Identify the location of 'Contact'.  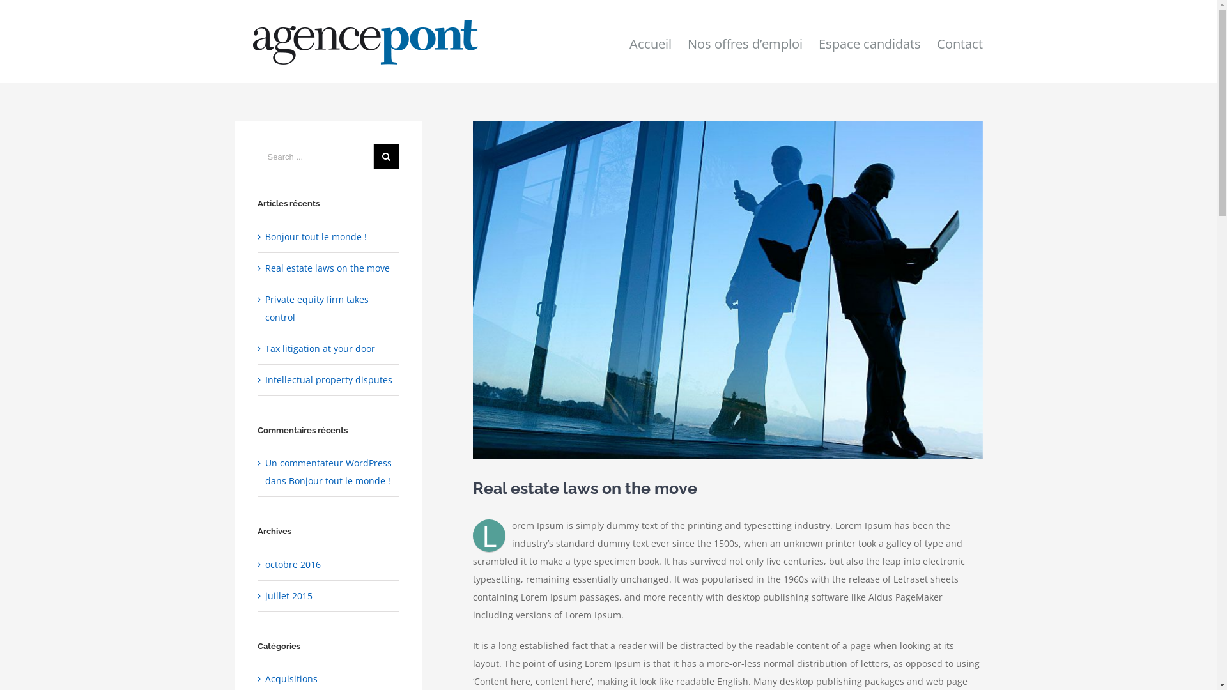
(936, 41).